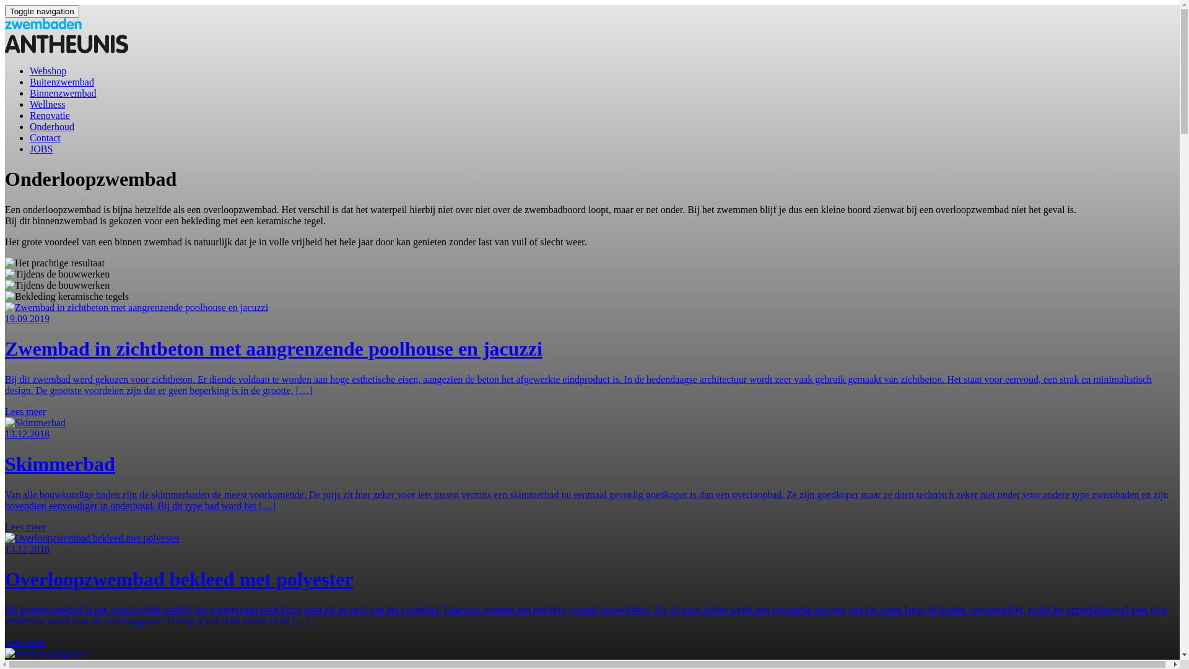 The image size is (1189, 669). Describe the element at coordinates (41, 148) in the screenshot. I see `'JOBS'` at that location.